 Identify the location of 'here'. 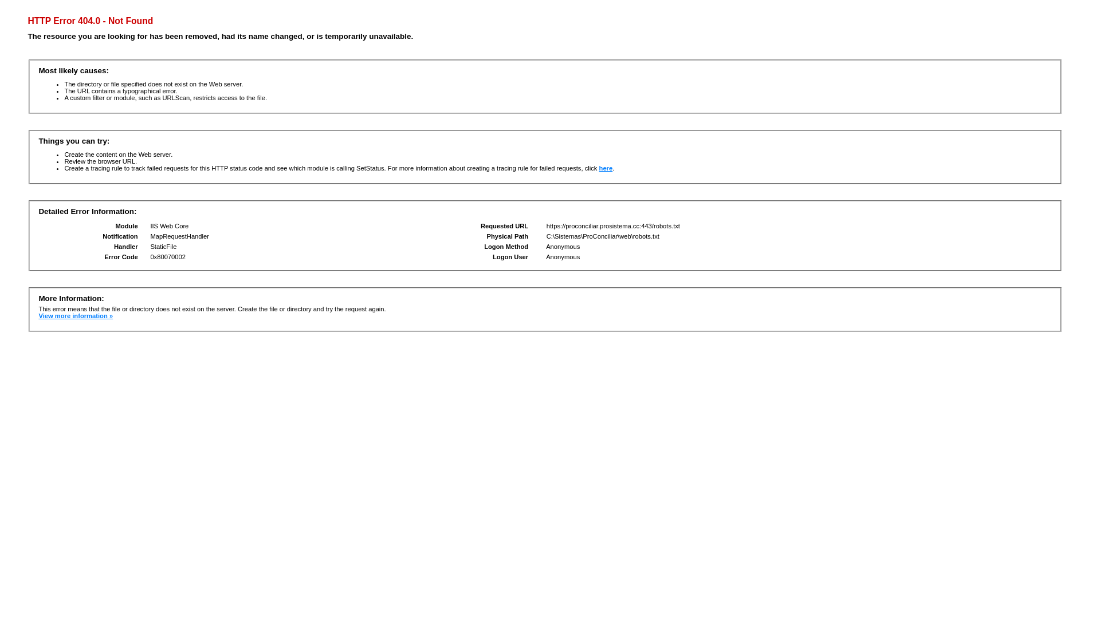
(605, 168).